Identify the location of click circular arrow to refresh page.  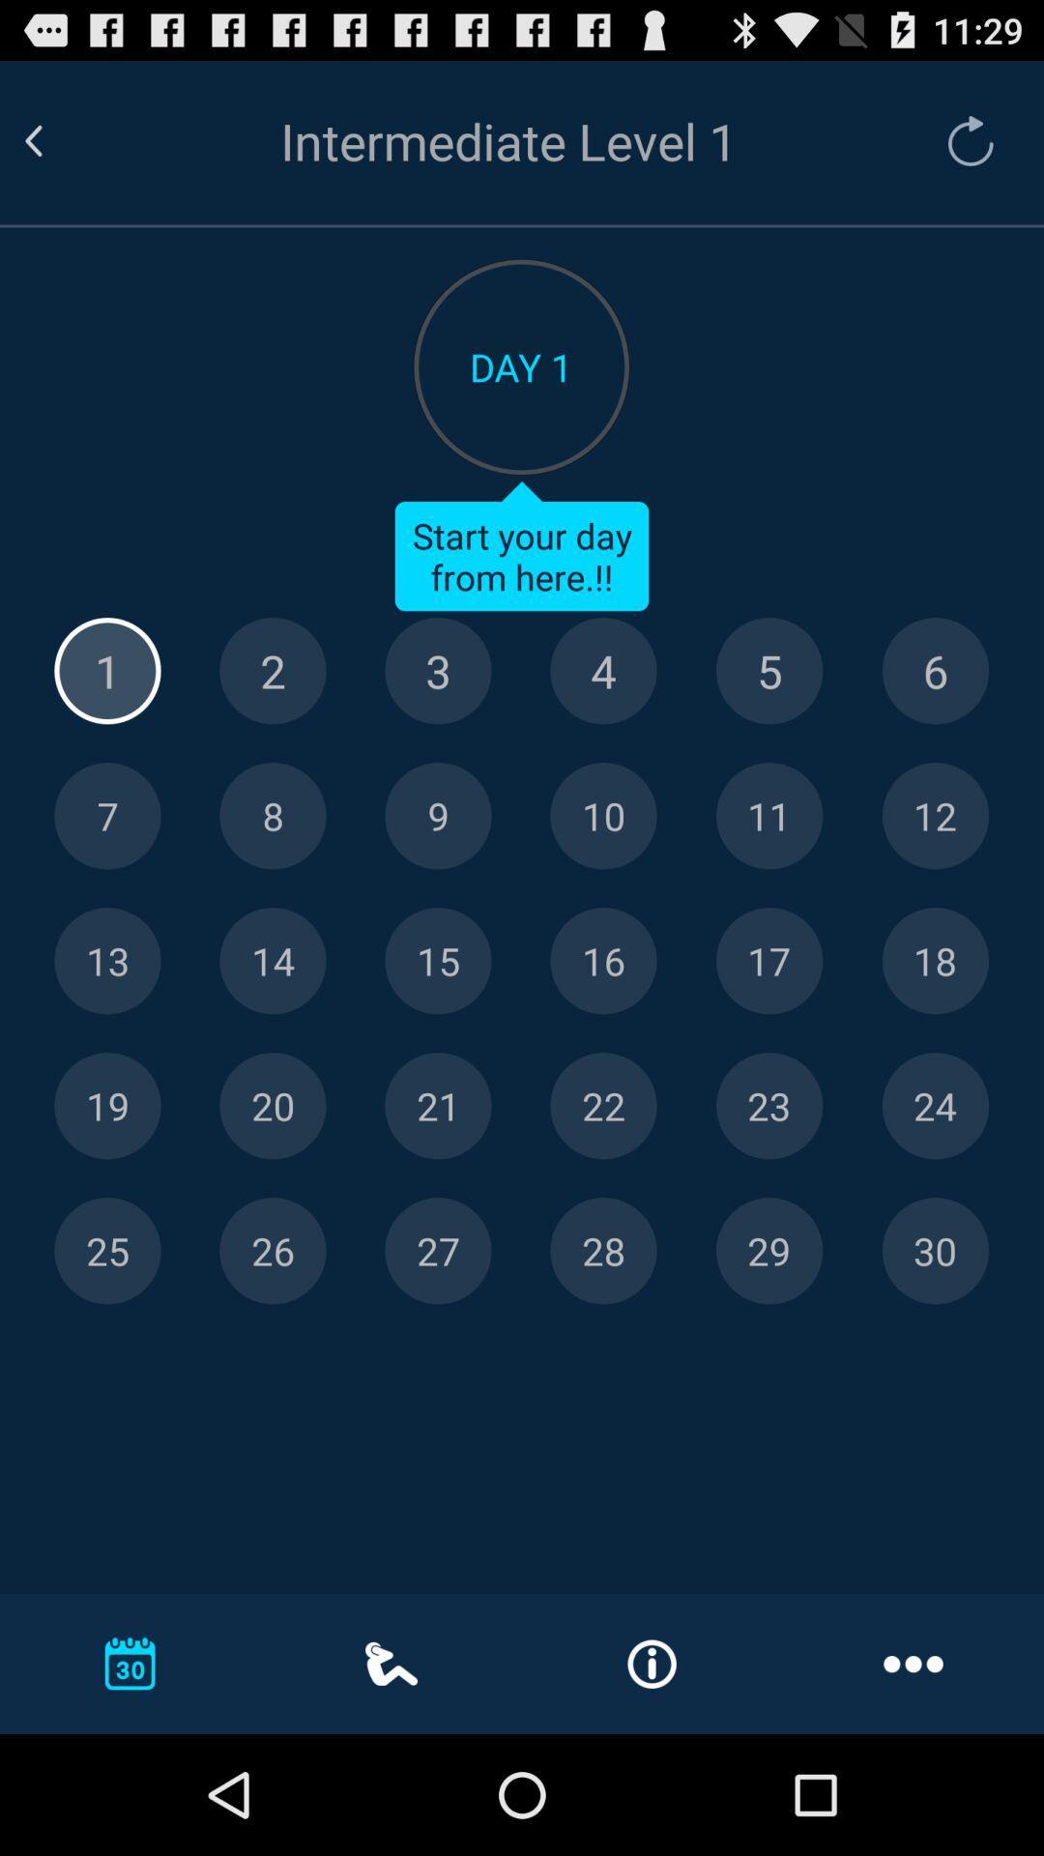
(961, 140).